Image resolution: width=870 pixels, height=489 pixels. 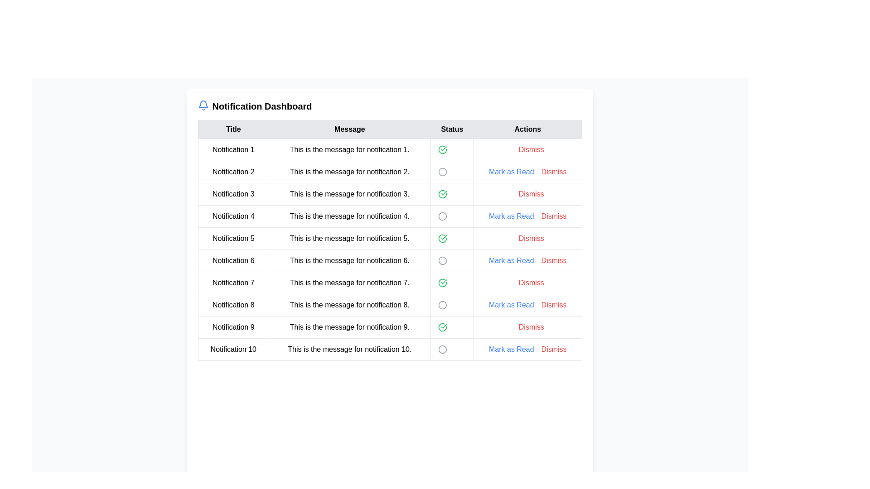 What do you see at coordinates (527, 327) in the screenshot?
I see `the 'Dismiss' link styled element in red, located at the end of the notification row 'Notification 9'` at bounding box center [527, 327].